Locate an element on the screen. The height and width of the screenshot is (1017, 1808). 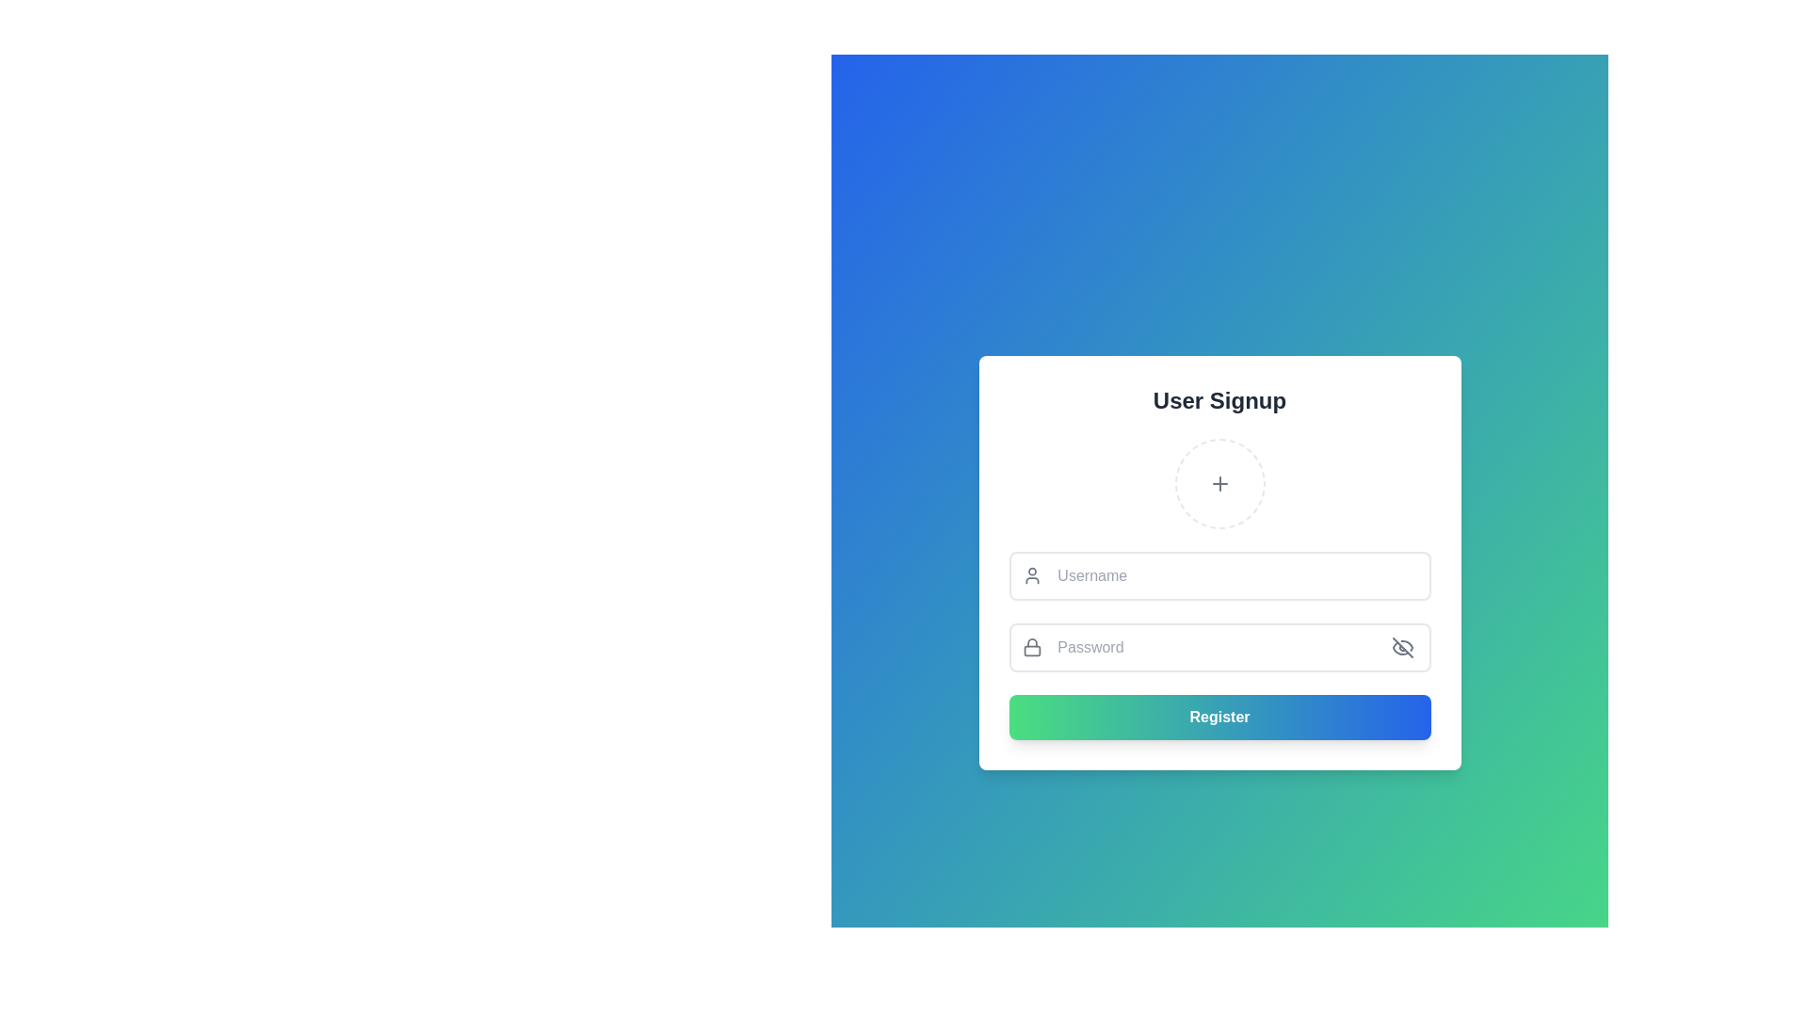
the password visibility toggle button located at the right end of the password input field is located at coordinates (1402, 646).